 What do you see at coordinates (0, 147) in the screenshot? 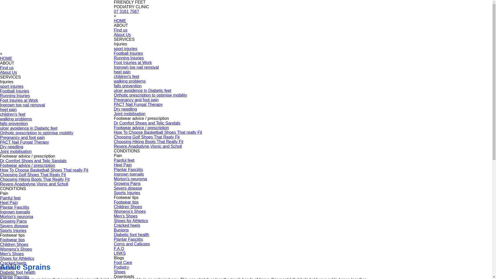
I see `'Dry needling'` at bounding box center [0, 147].